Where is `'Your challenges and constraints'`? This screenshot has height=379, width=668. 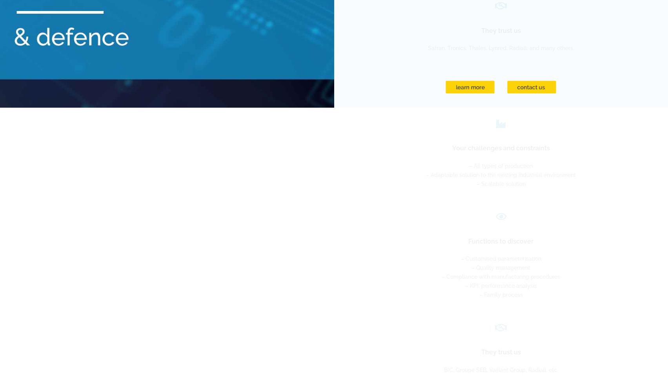
'Your challenges and constraints' is located at coordinates (500, 148).